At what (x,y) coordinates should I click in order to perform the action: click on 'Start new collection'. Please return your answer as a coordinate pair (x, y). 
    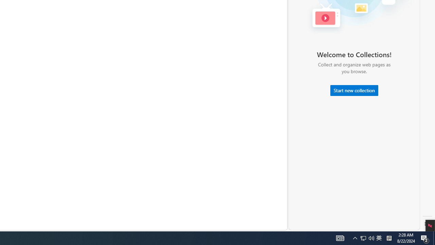
    Looking at the image, I should click on (354, 90).